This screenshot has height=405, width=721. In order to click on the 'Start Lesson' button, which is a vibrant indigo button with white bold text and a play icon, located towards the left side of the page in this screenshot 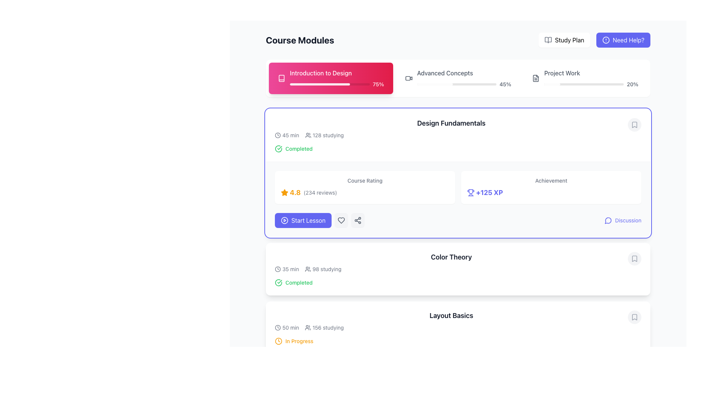, I will do `click(303, 220)`.